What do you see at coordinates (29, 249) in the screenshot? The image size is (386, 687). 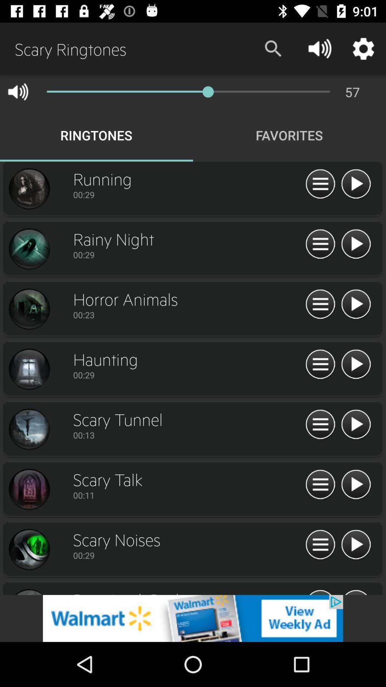 I see `song option` at bounding box center [29, 249].